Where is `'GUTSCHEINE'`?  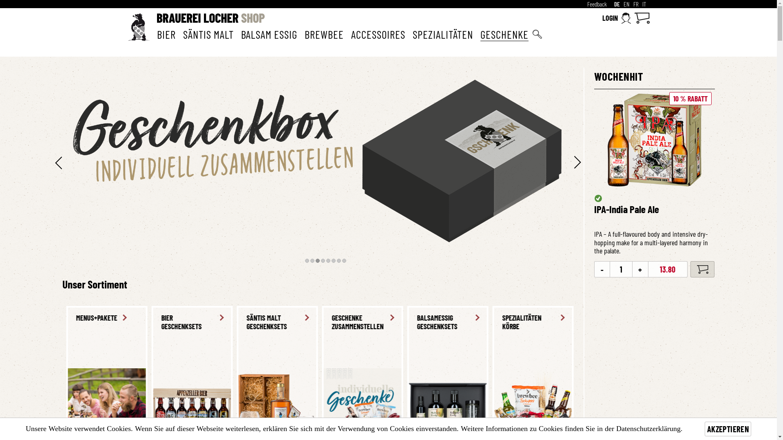
'GUTSCHEINE' is located at coordinates (358, 317).